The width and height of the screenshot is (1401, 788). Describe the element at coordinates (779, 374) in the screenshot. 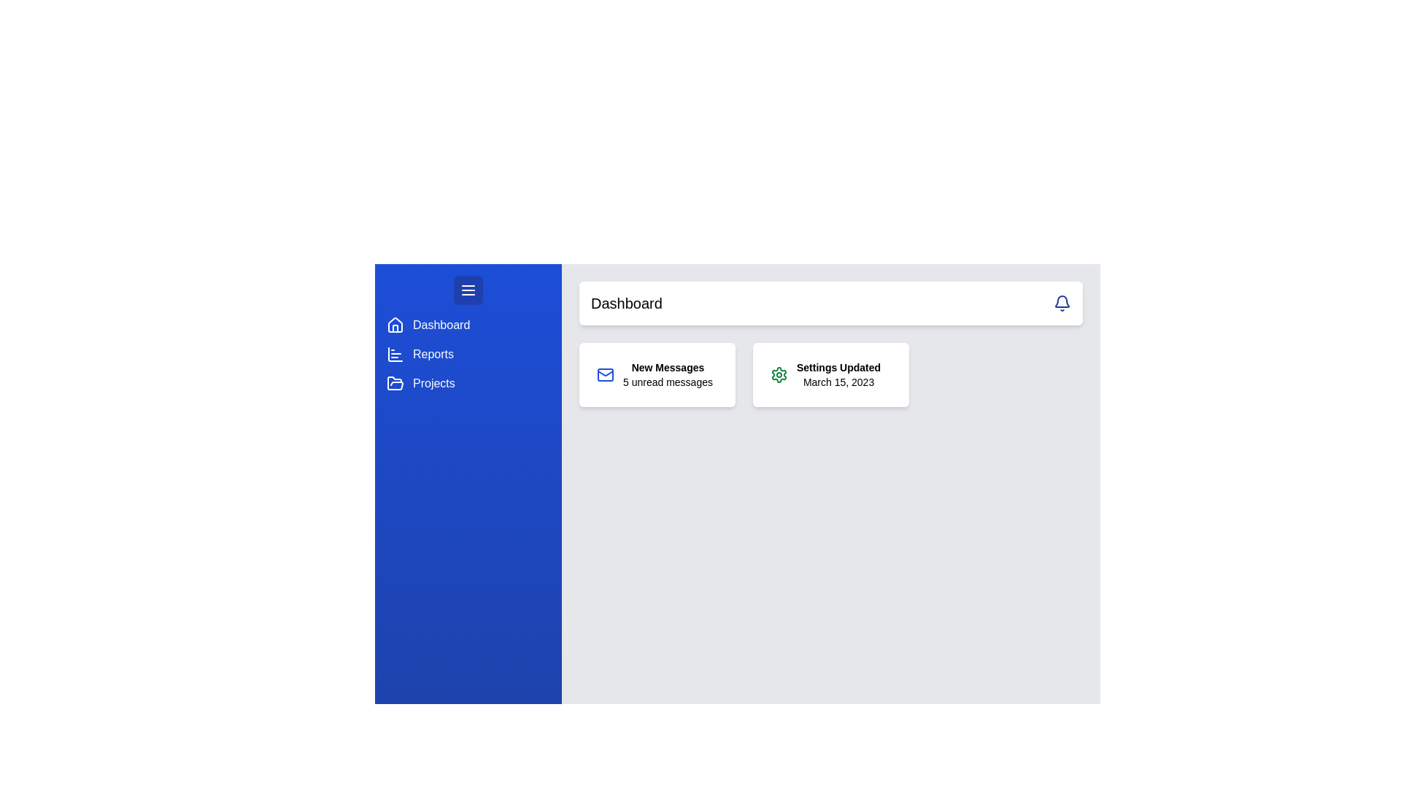

I see `the green gear-shaped icon located on the right-hand side of the interface, to the left of the 'Settings Updated' text` at that location.